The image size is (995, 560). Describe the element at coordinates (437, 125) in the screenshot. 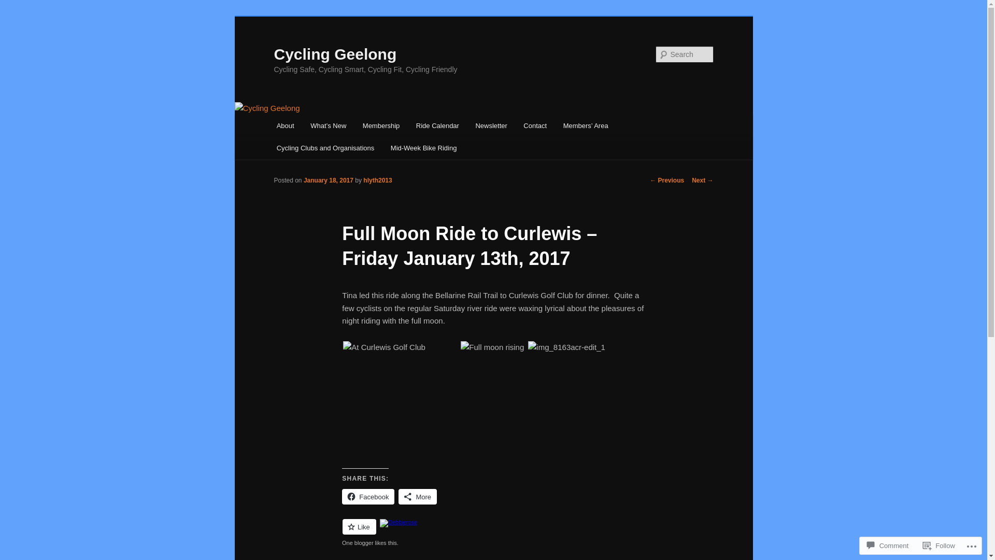

I see `'Ride Calendar'` at that location.